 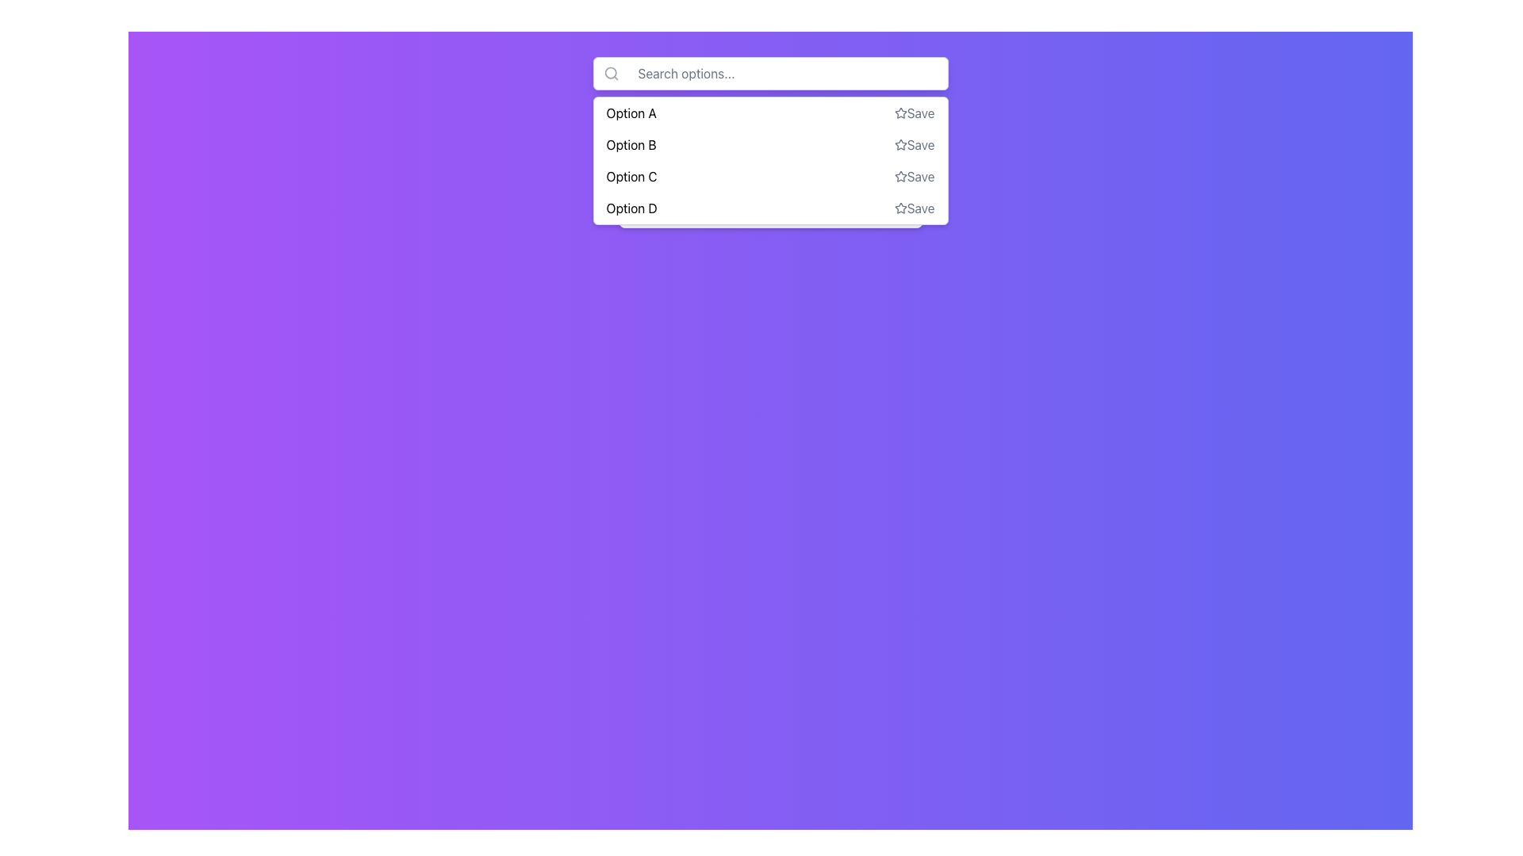 I want to click on the 'Save' button associated with 'Option D', so click(x=914, y=207).